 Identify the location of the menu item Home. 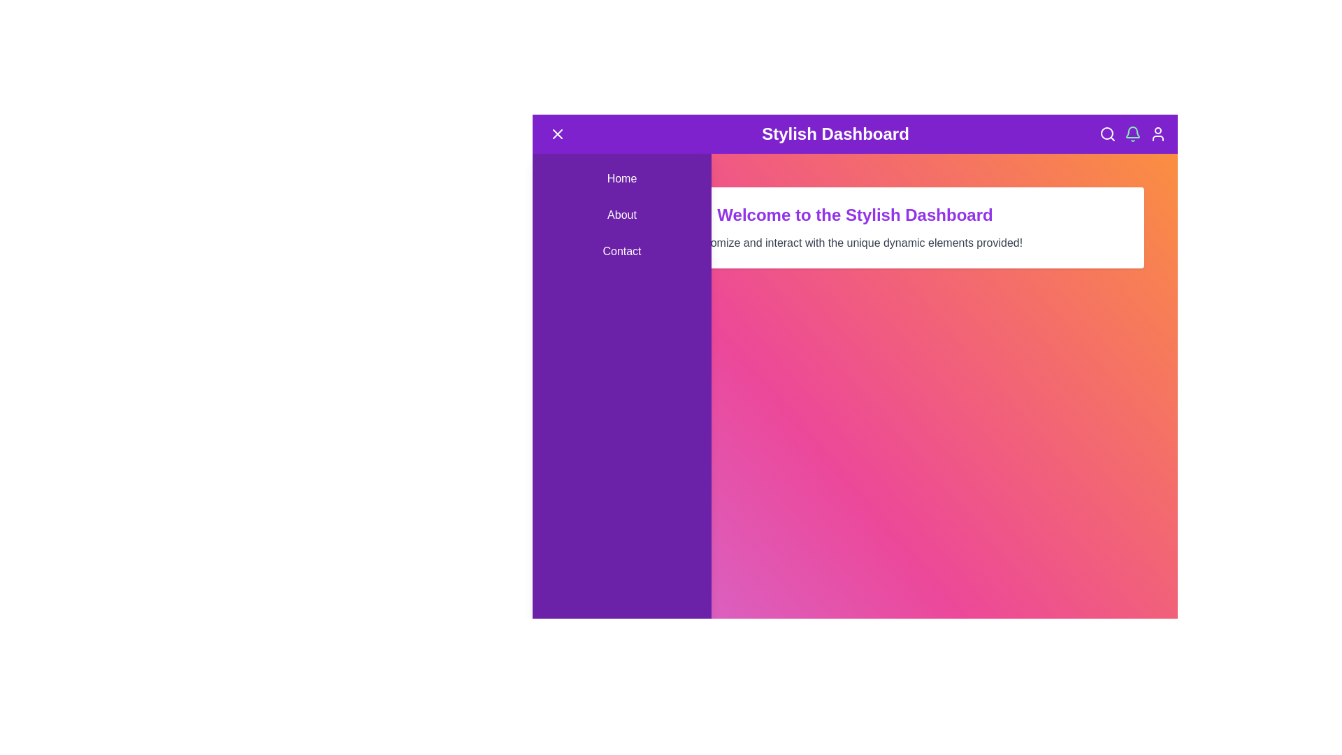
(621, 178).